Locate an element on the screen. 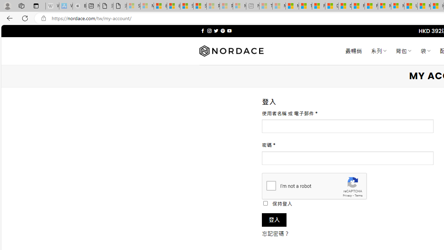 The height and width of the screenshot is (250, 444). 'Terms' is located at coordinates (358, 195).